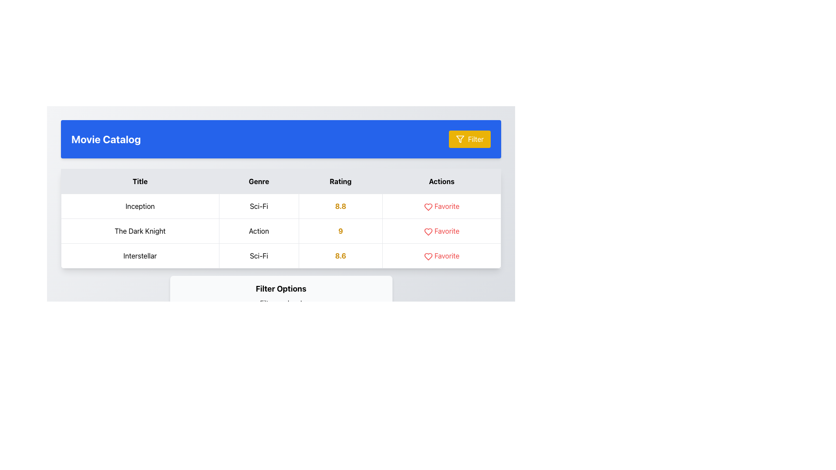  I want to click on the favorite icon located in the 'Actions' column of the table for the movie 'Inception', so click(428, 231).